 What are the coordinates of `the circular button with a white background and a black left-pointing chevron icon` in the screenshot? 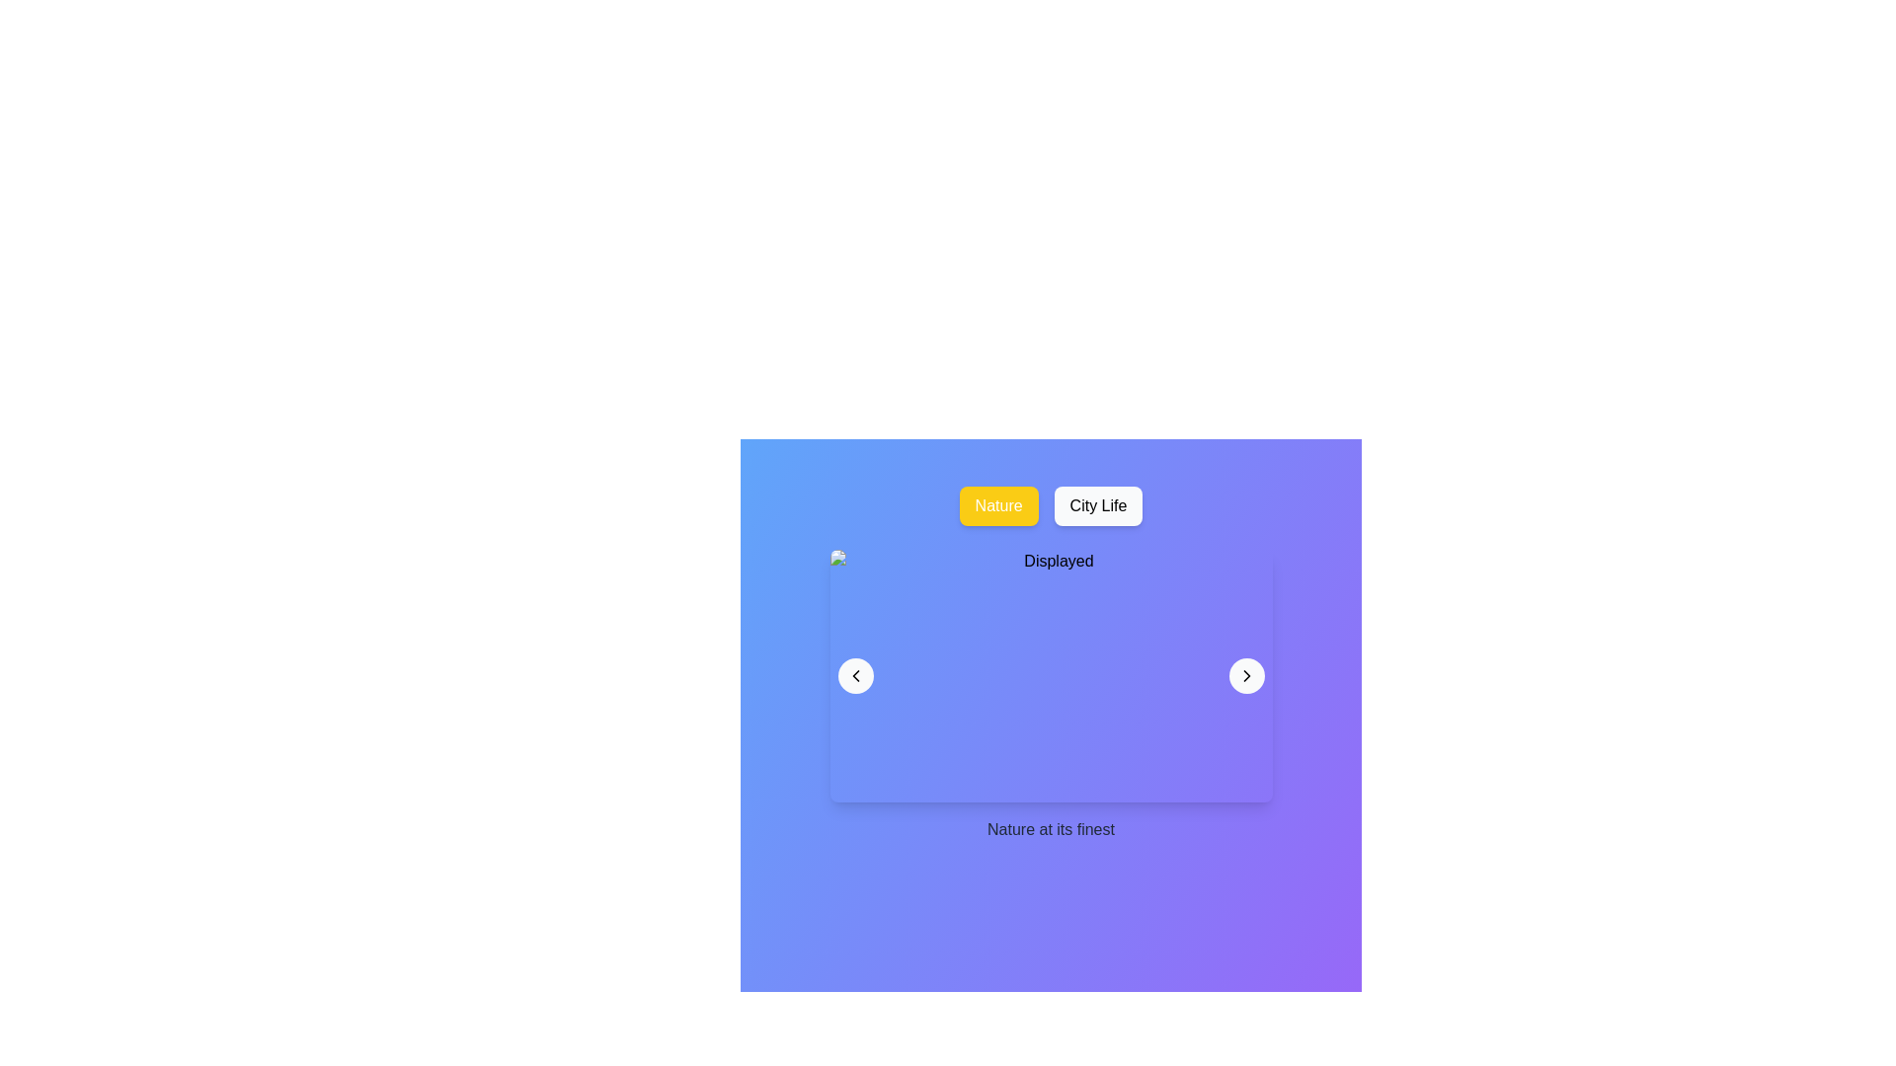 It's located at (855, 675).